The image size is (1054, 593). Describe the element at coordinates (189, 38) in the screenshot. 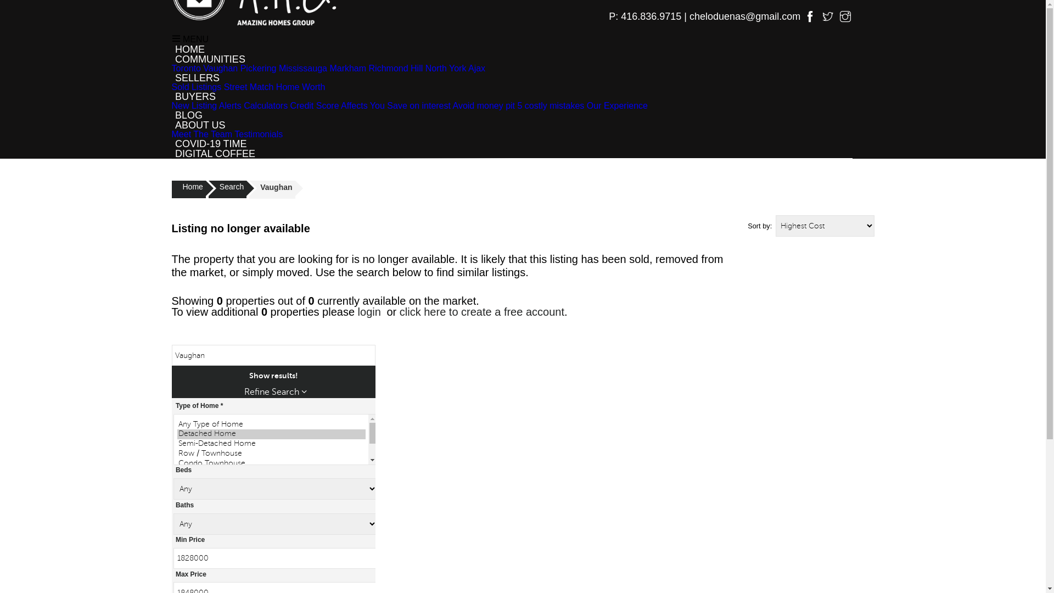

I see `'MENU'` at that location.